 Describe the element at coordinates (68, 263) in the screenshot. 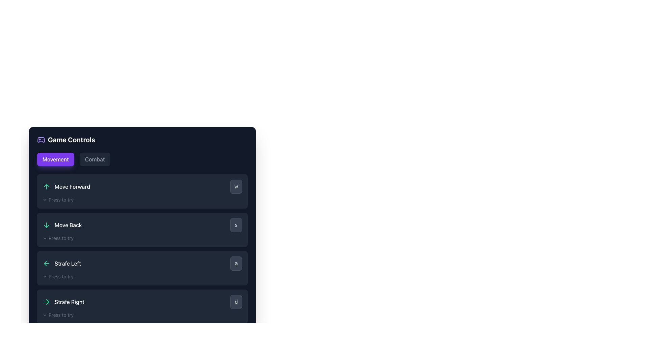

I see `the text label 'Strafe Left' which signifies the command for strafing left in the game, located in the 'Game Controls' panel` at that location.